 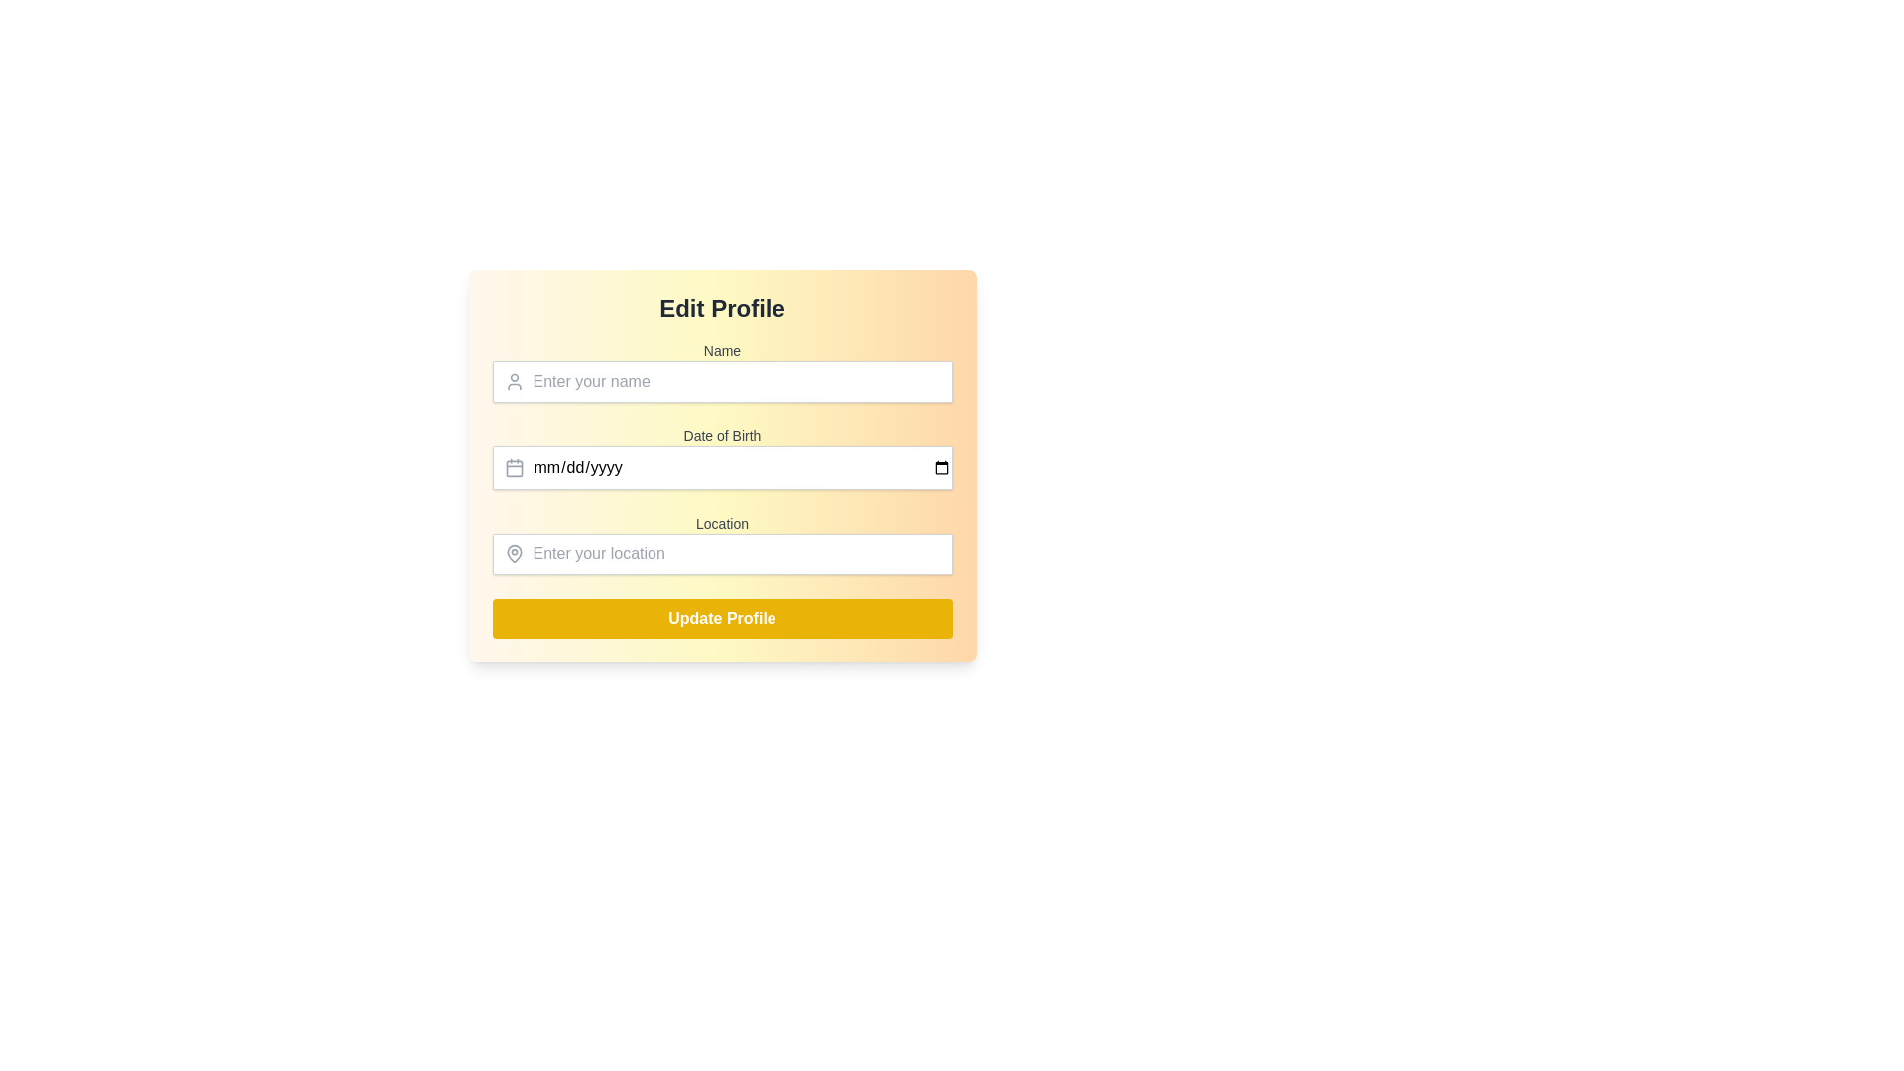 What do you see at coordinates (721, 458) in the screenshot?
I see `the 'Date of Birth' labeled input field` at bounding box center [721, 458].